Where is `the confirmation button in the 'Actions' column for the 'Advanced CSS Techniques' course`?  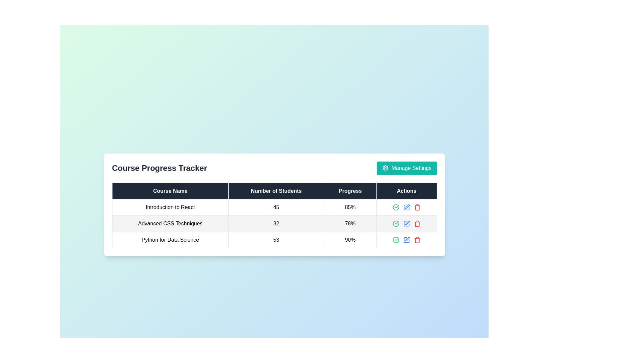 the confirmation button in the 'Actions' column for the 'Advanced CSS Techniques' course is located at coordinates (396, 223).